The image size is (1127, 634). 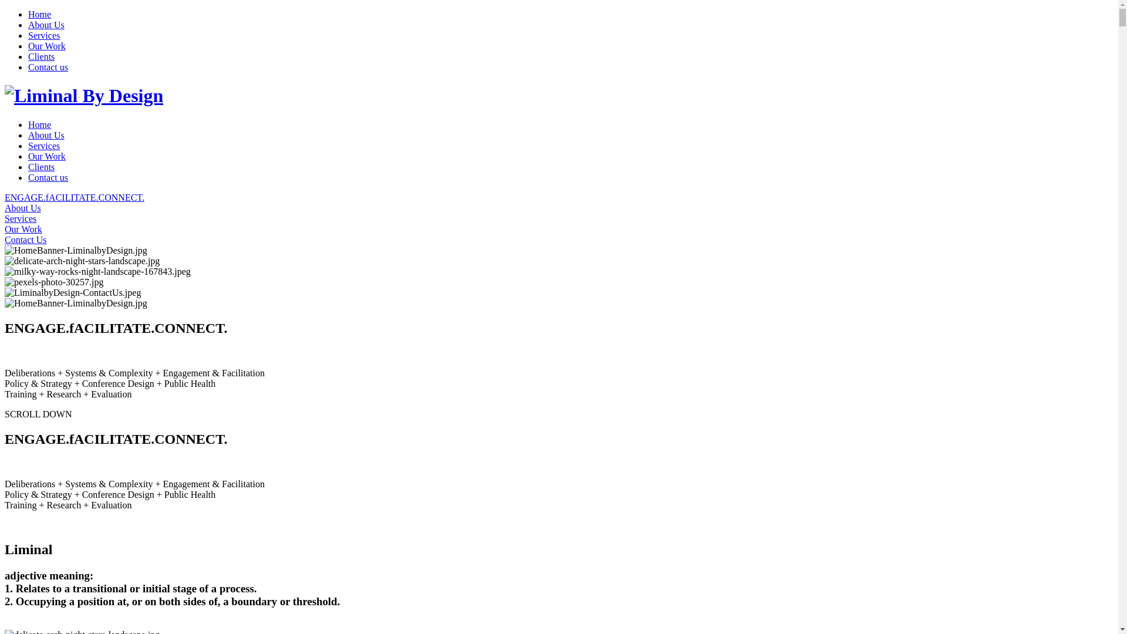 I want to click on 'Services', so click(x=558, y=219).